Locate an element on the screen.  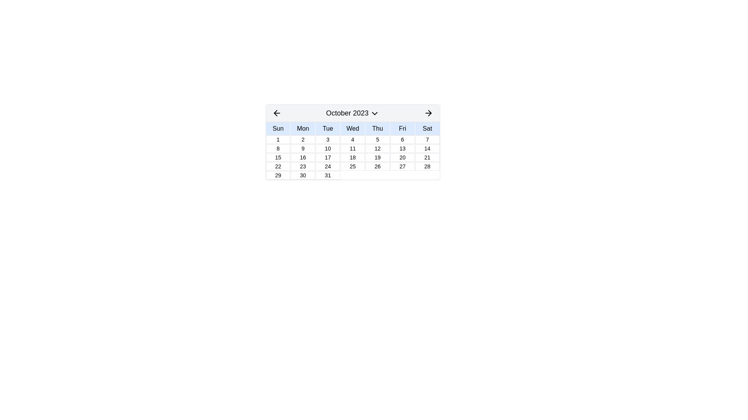
the text element '9' located in the second row and second column of the tabular calendar structure under the 'Monday' header is located at coordinates (302, 148).